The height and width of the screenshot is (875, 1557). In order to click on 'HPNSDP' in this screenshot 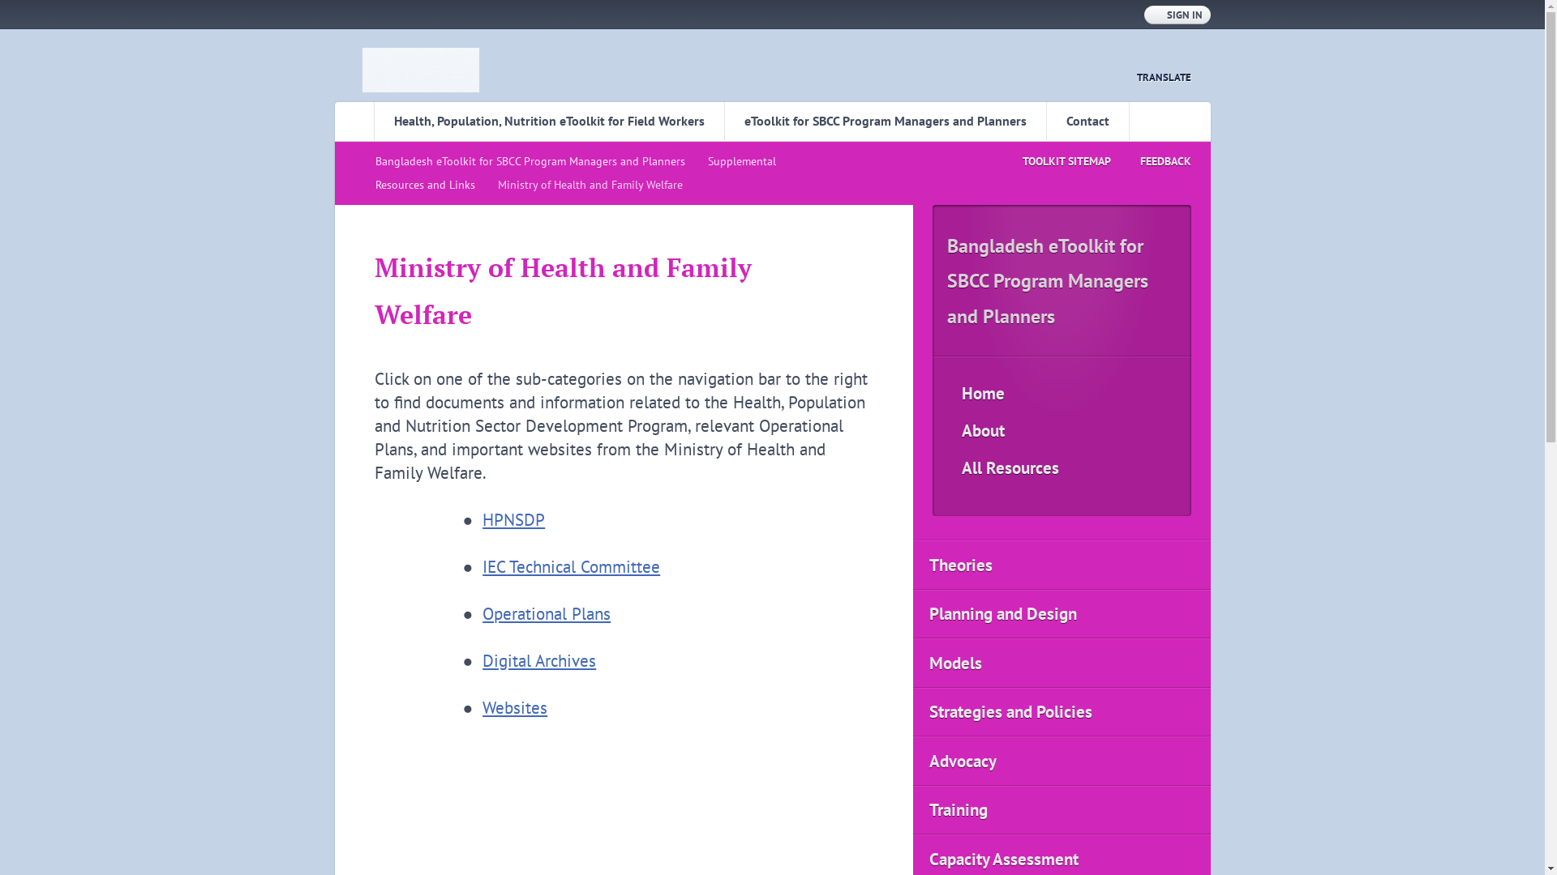, I will do `click(513, 519)`.